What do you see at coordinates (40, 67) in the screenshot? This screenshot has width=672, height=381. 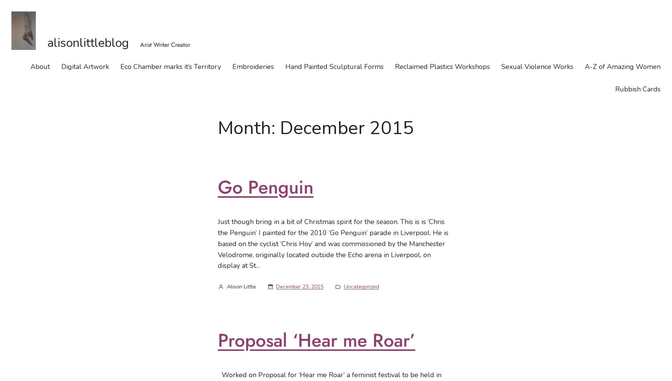 I see `'About'` at bounding box center [40, 67].